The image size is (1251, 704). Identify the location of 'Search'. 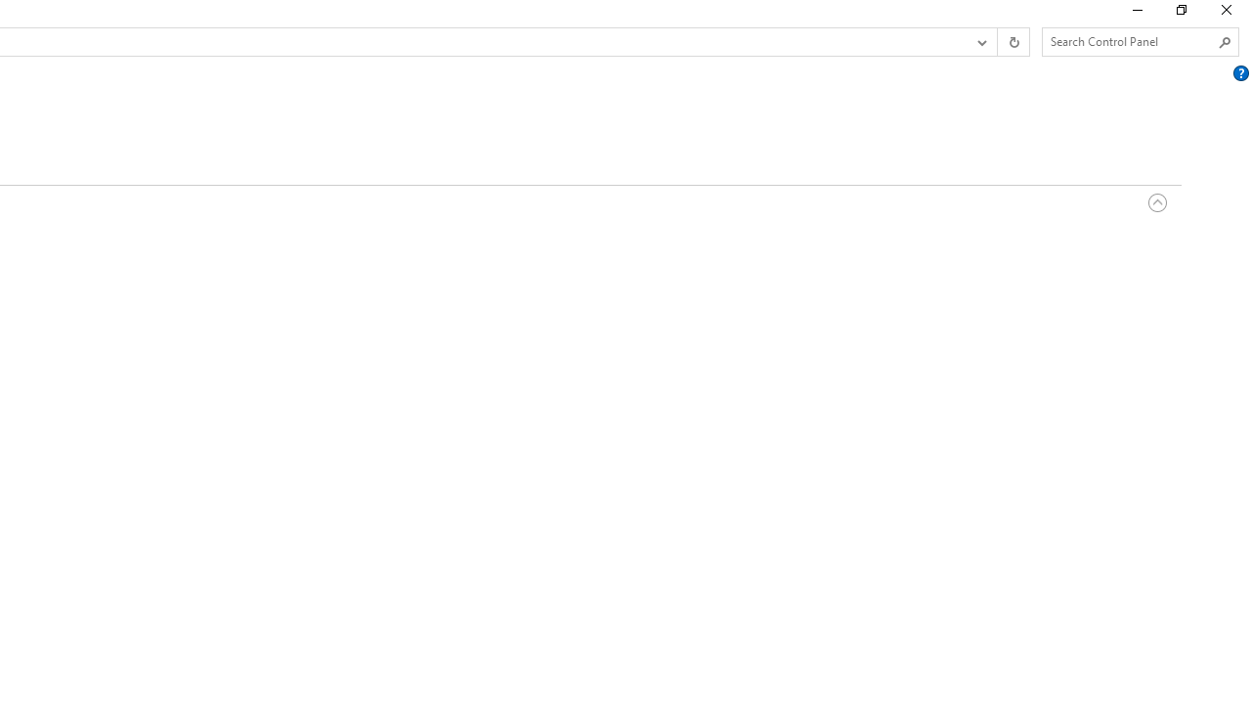
(1224, 42).